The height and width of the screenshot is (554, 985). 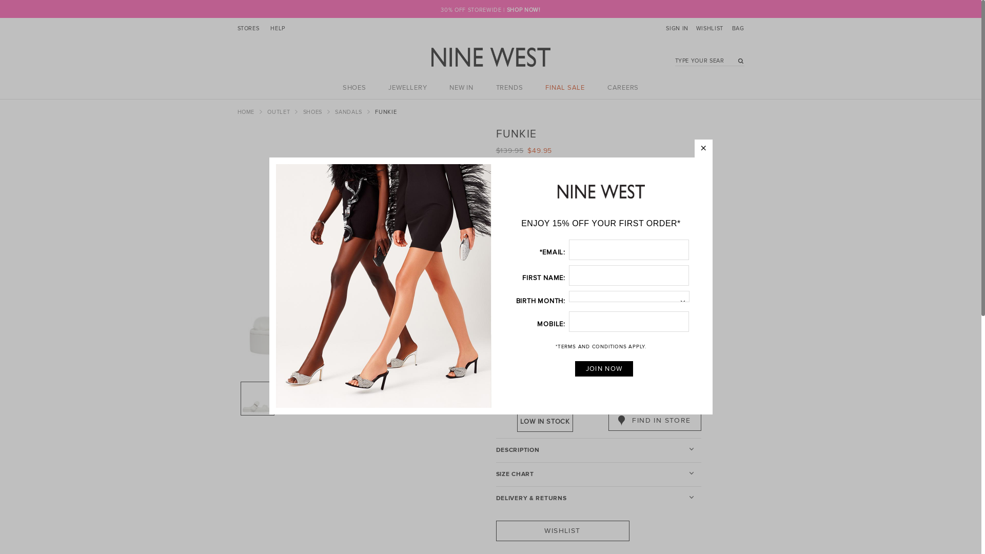 I want to click on 'ADD TO BAG', so click(x=654, y=395).